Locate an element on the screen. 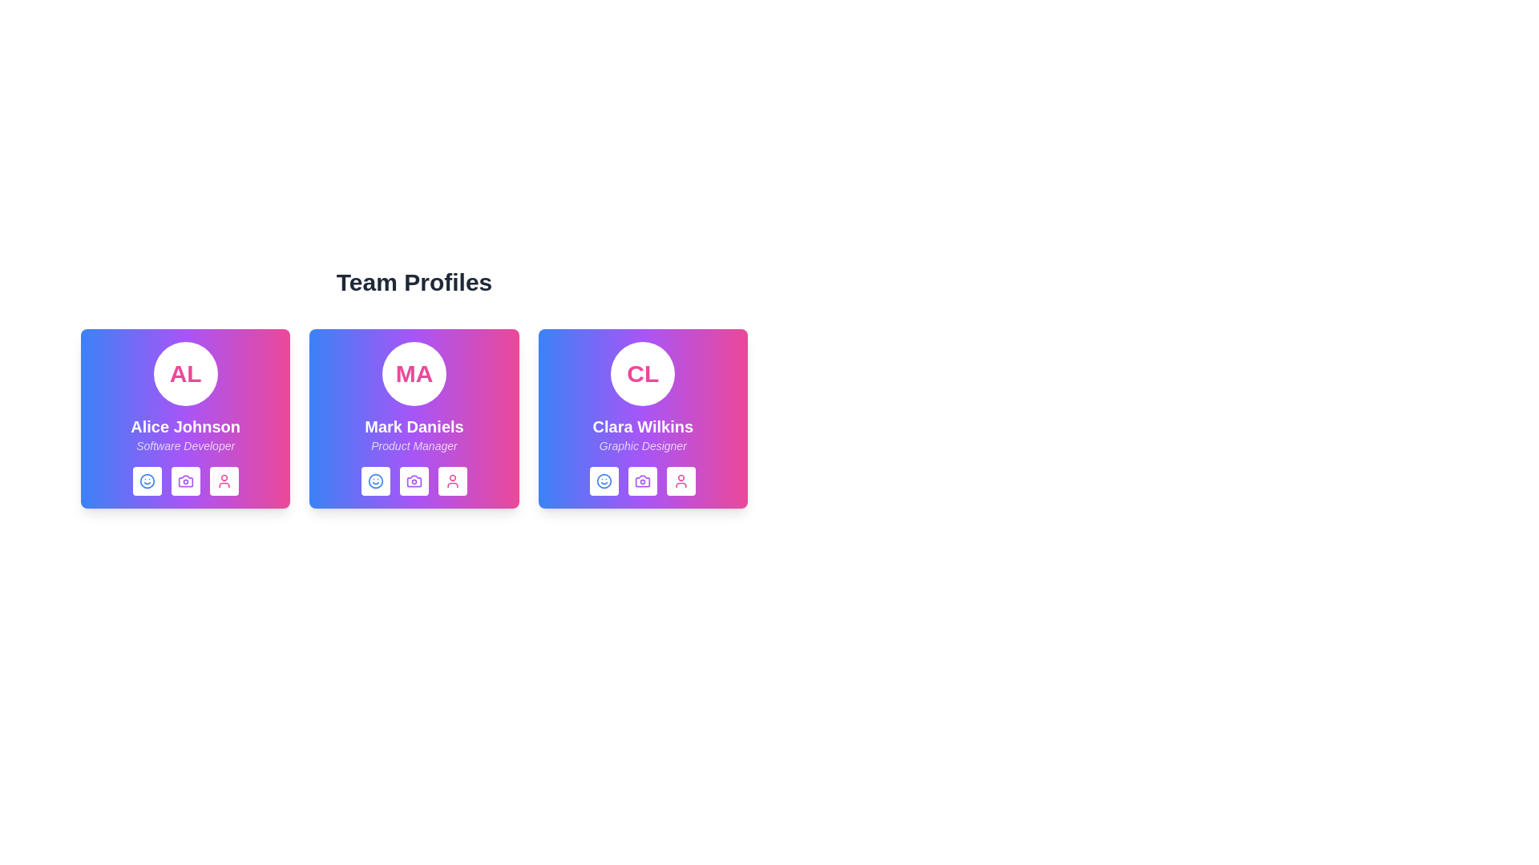  the camera icon button, which is a purple SVG icon resembling a camera, located at the center of the button section on Clara Wilkins' profile card is located at coordinates (643, 481).